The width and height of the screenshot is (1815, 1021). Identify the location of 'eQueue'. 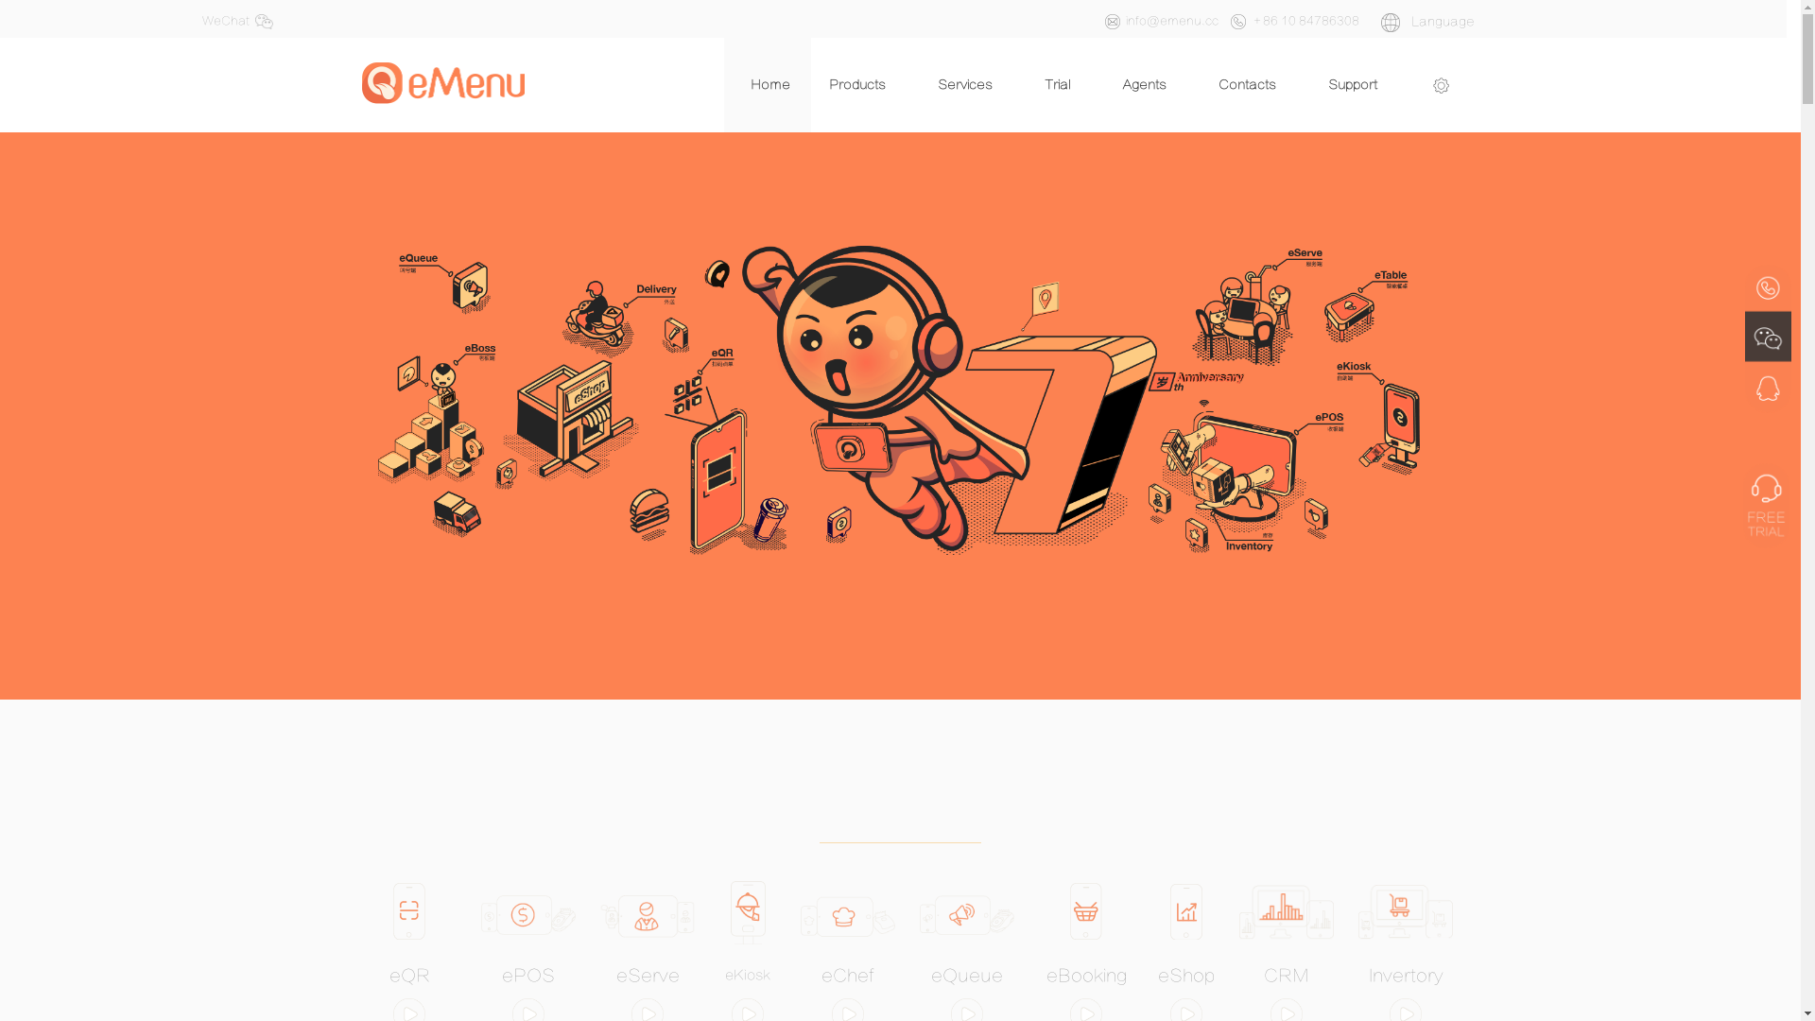
(966, 973).